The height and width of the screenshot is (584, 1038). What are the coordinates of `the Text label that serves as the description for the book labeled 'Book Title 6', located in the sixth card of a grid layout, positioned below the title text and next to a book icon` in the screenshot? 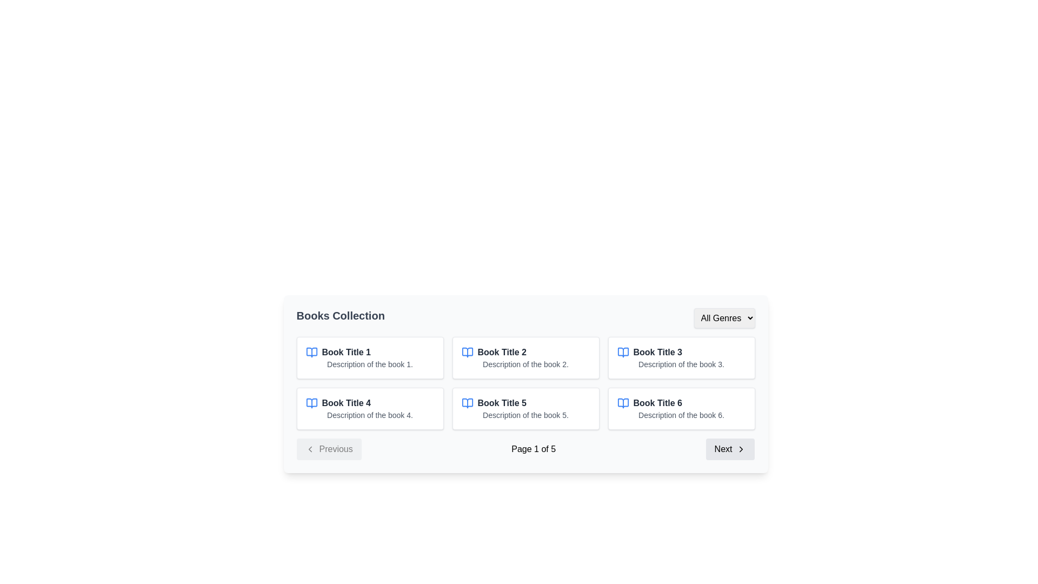 It's located at (681, 414).